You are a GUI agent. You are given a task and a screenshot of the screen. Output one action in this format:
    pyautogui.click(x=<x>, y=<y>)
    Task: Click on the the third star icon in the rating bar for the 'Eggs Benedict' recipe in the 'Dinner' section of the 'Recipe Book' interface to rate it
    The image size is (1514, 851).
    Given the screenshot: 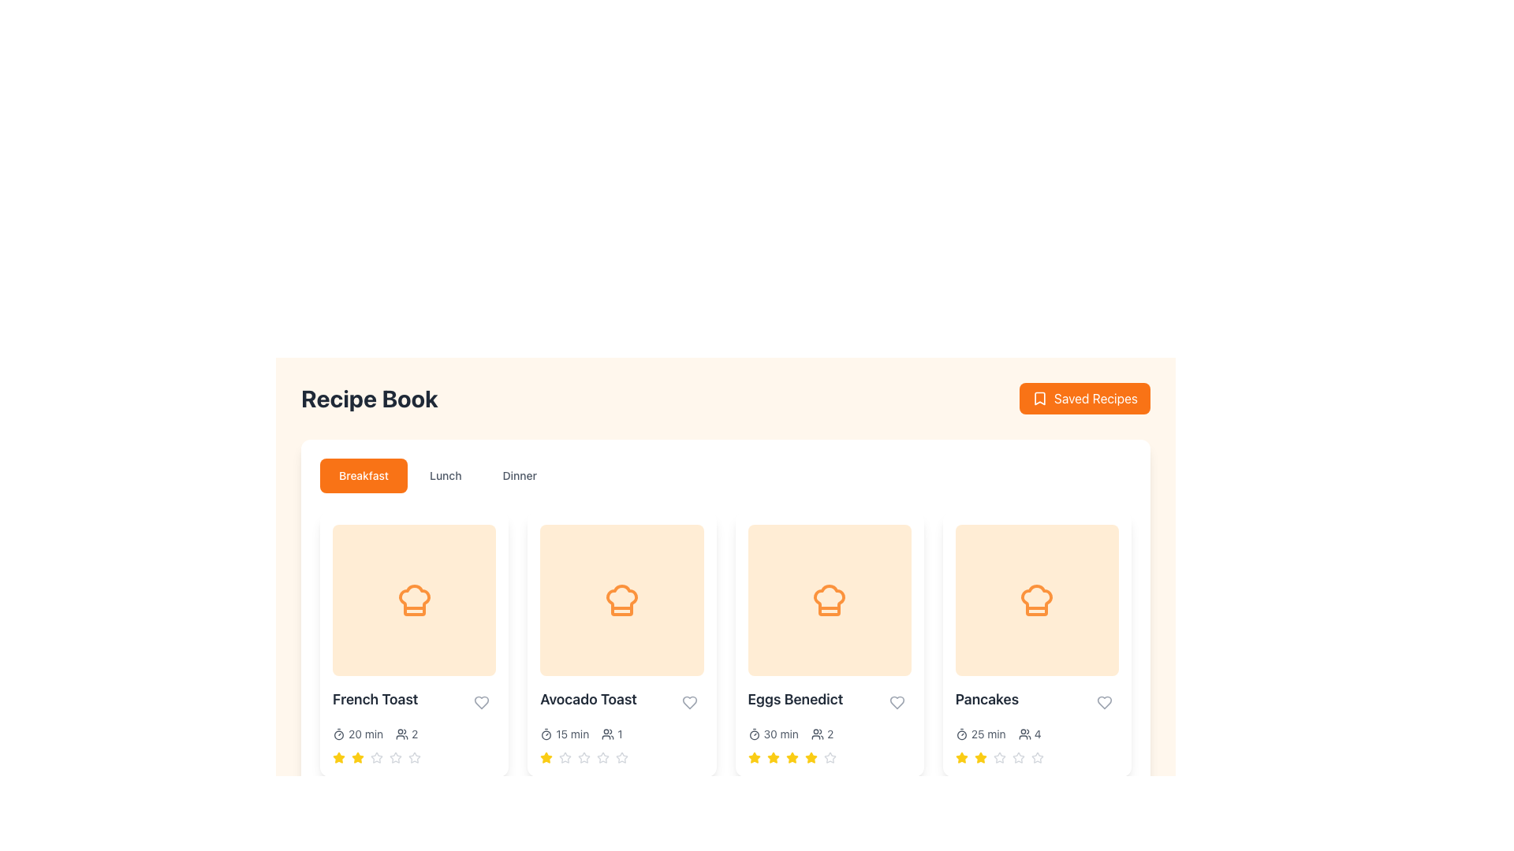 What is the action you would take?
    pyautogui.click(x=792, y=756)
    